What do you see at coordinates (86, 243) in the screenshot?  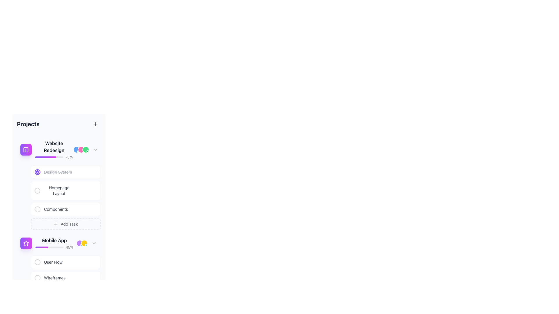 I see `the Interactive icon group with avatars and dropdown chevron located to the right of the 'Mobile App' section, aligned horizontally with the progress percentage indicator '45%'` at bounding box center [86, 243].